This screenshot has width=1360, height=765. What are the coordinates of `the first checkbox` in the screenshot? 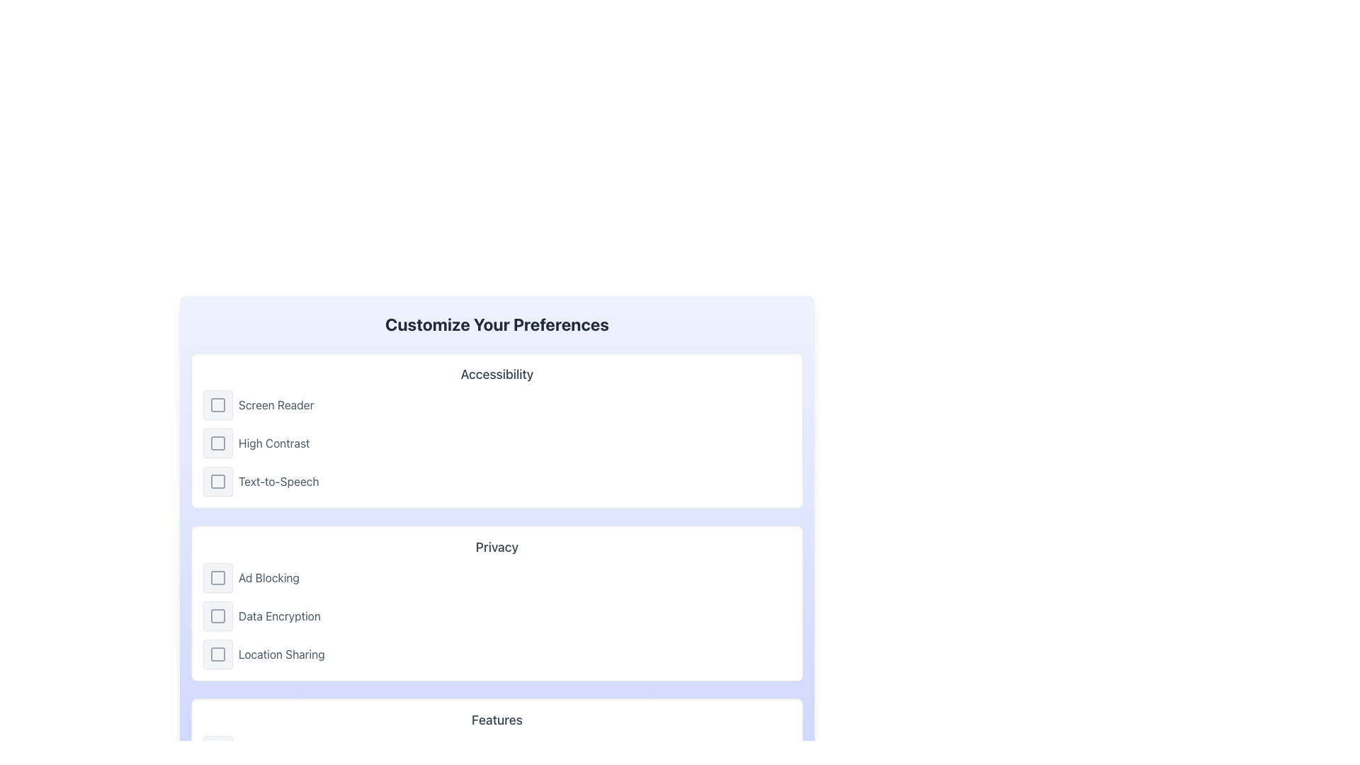 It's located at (217, 578).